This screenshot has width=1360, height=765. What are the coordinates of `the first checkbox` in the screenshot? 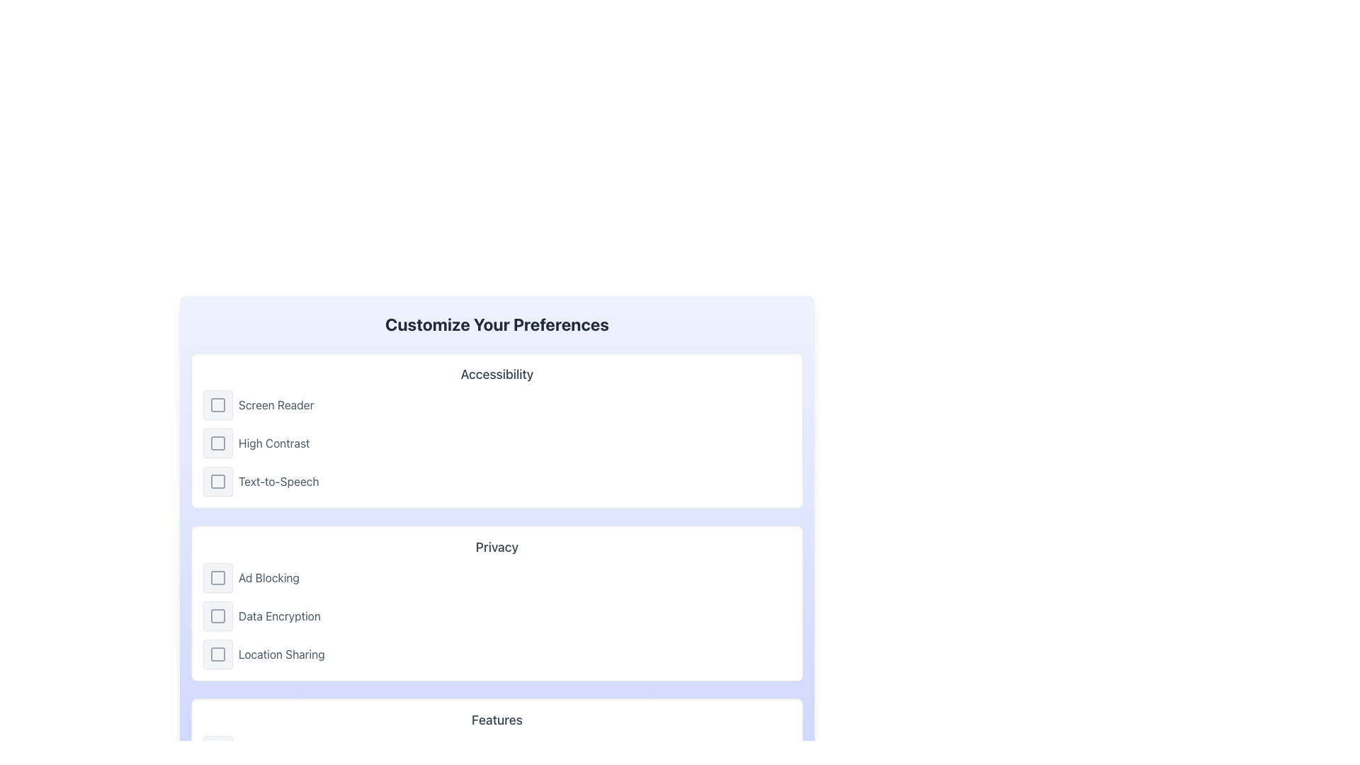 It's located at (217, 578).